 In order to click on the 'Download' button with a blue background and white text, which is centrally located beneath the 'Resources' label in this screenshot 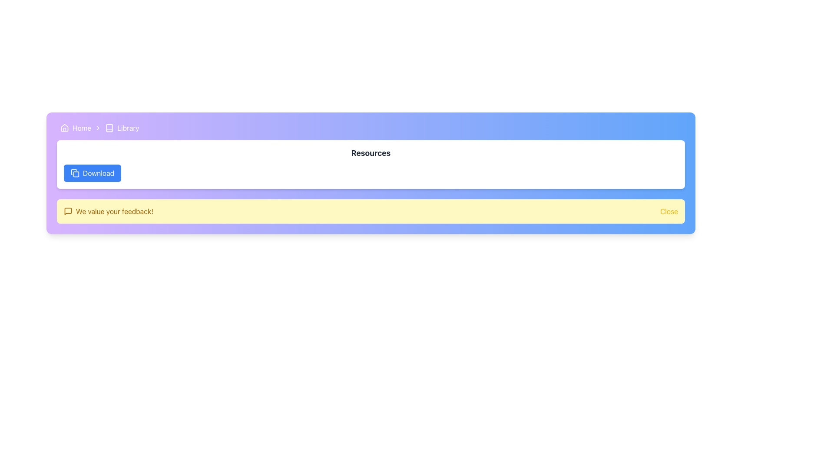, I will do `click(93, 173)`.